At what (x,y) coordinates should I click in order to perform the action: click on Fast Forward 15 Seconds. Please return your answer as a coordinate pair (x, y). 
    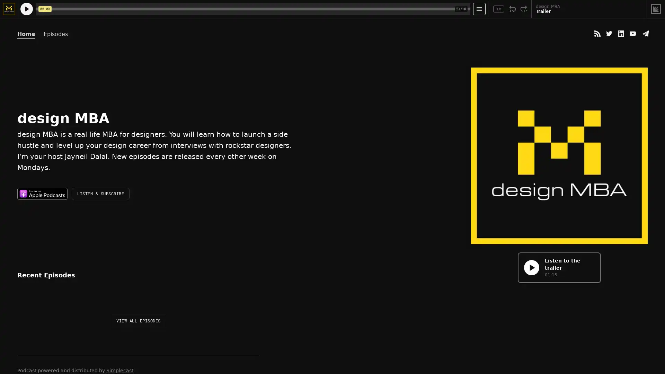
    Looking at the image, I should click on (524, 9).